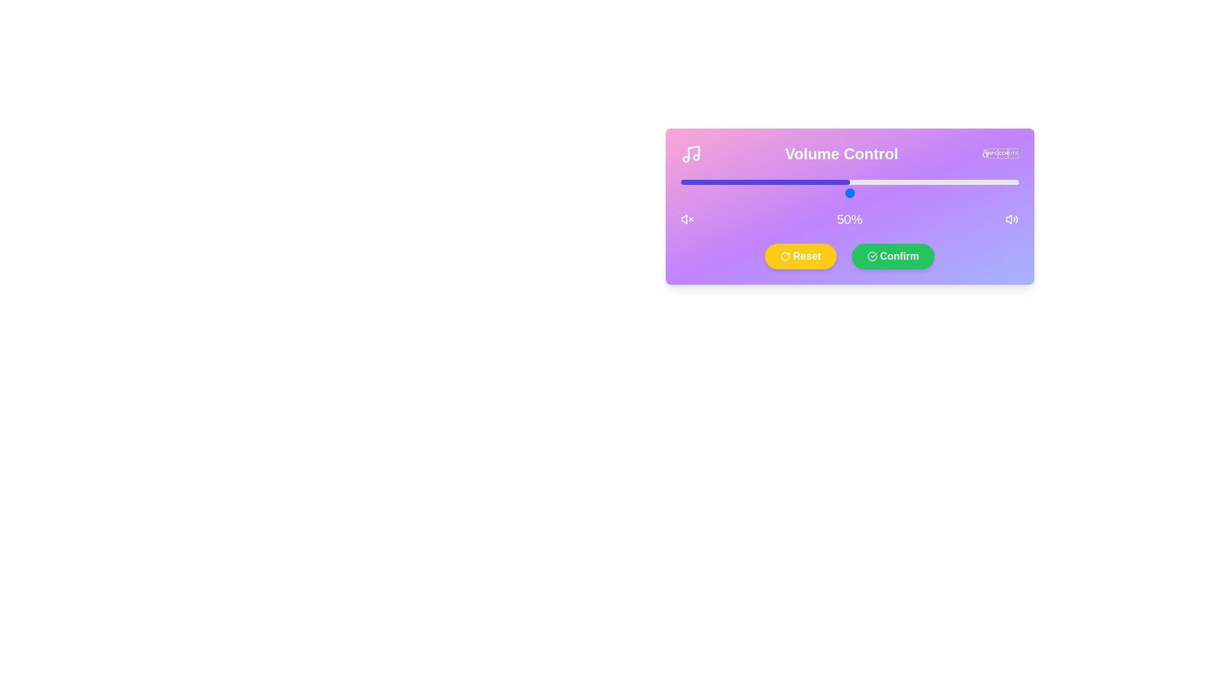  Describe the element at coordinates (842, 182) in the screenshot. I see `the slider value` at that location.